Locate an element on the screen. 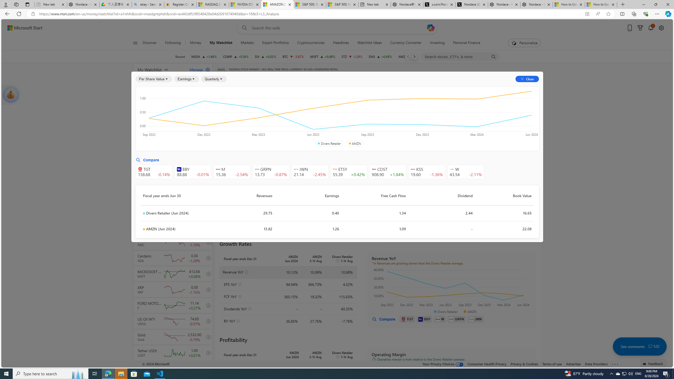 This screenshot has height=379, width=674. 'Privacy & Cookies' is located at coordinates (524, 364).